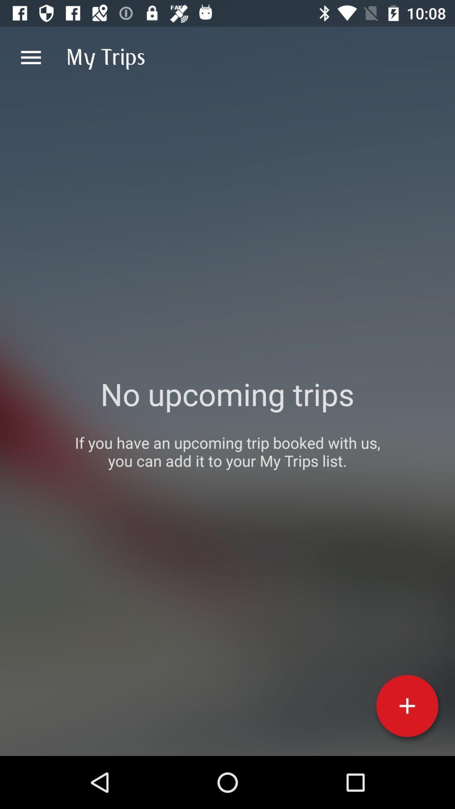 This screenshot has height=809, width=455. What do you see at coordinates (30, 57) in the screenshot?
I see `icon above the no upcoming trips` at bounding box center [30, 57].